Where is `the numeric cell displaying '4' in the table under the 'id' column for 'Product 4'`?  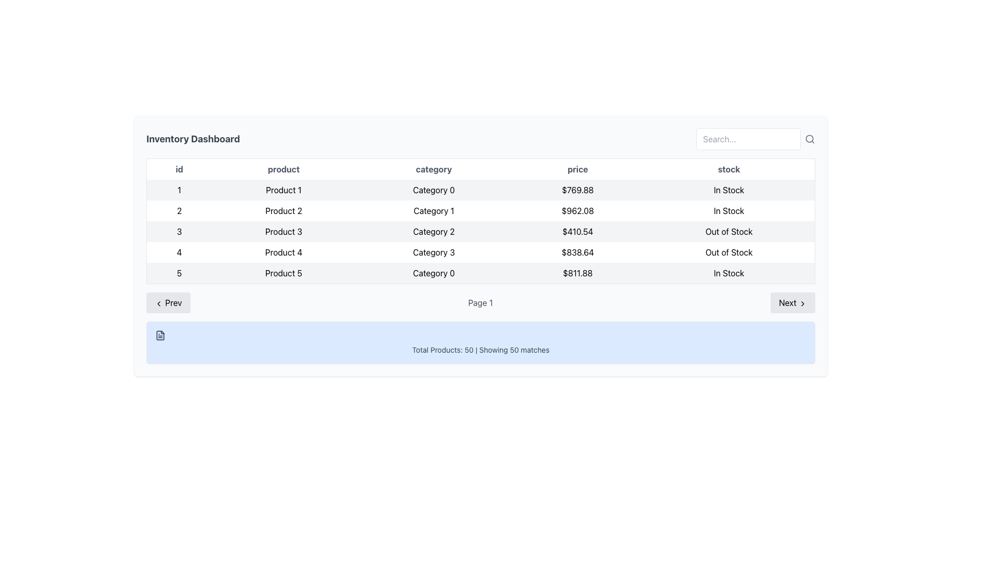 the numeric cell displaying '4' in the table under the 'id' column for 'Product 4' is located at coordinates (179, 252).